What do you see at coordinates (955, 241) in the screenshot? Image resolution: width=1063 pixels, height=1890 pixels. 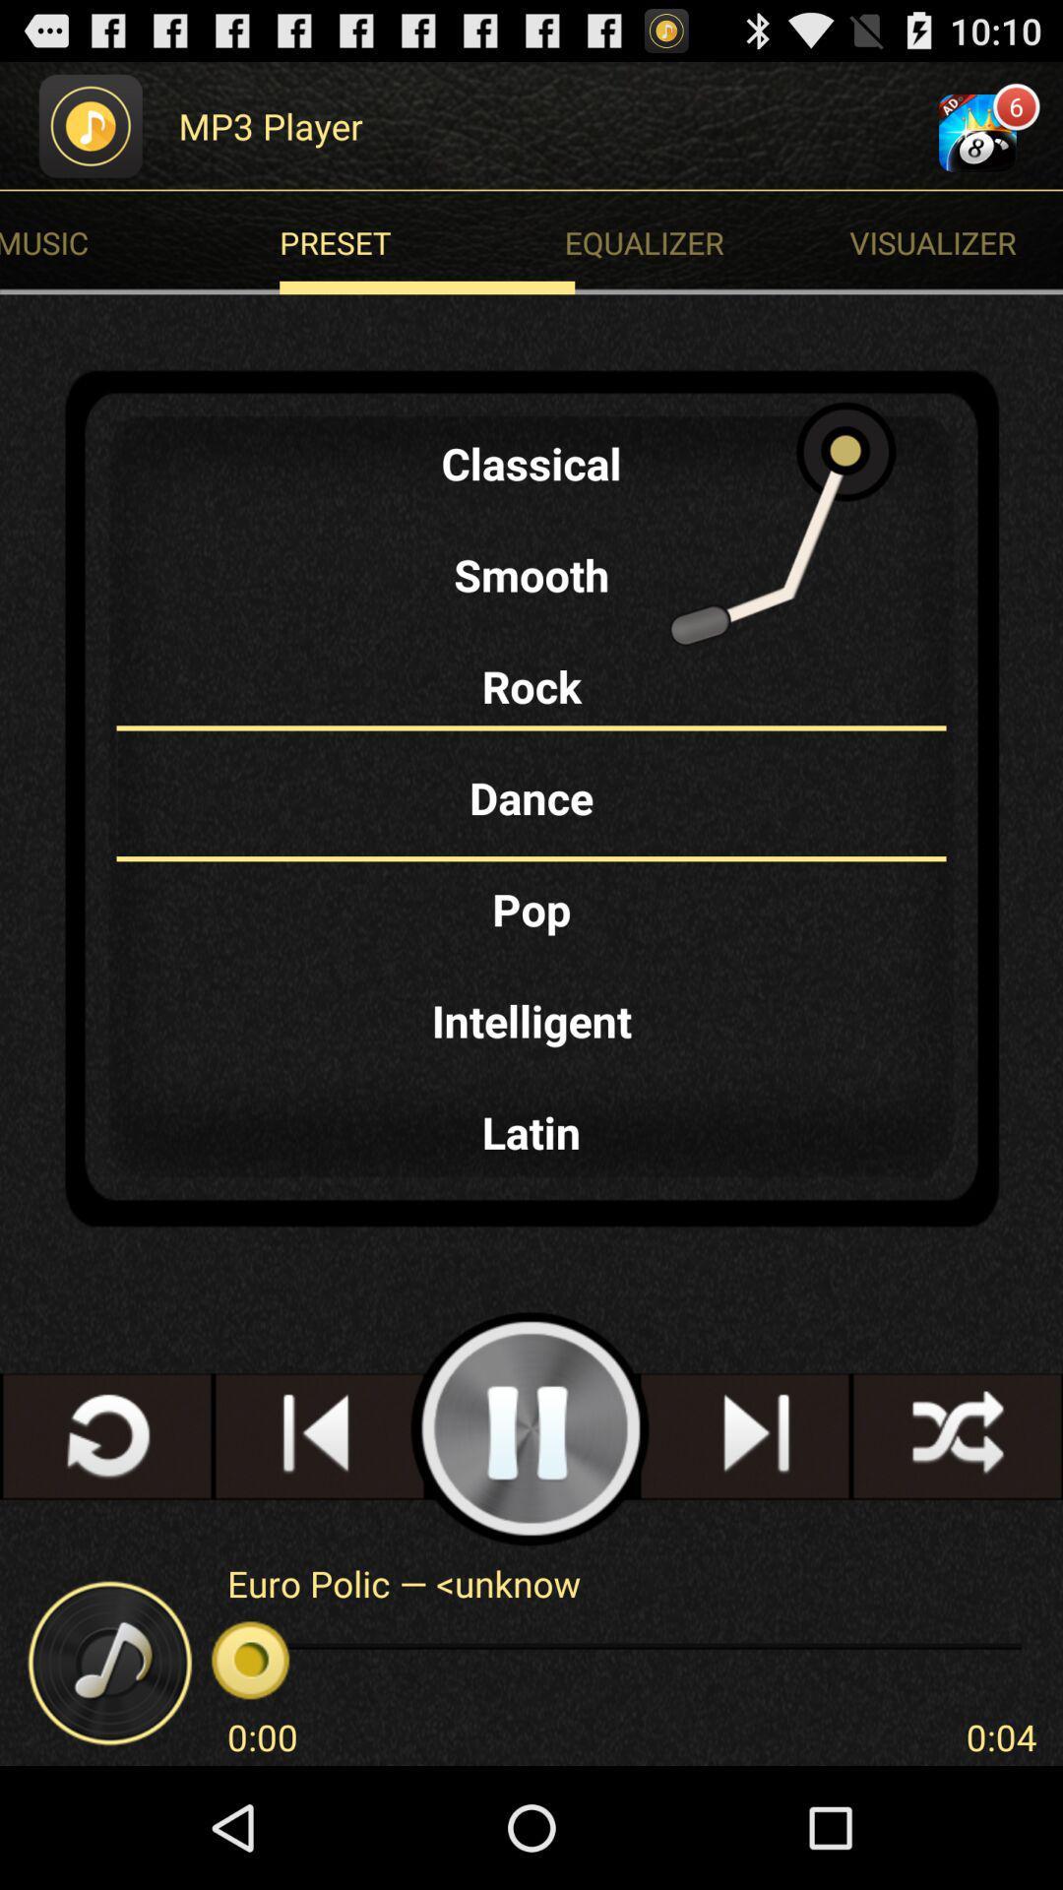 I see `the visualizer radio button` at bounding box center [955, 241].